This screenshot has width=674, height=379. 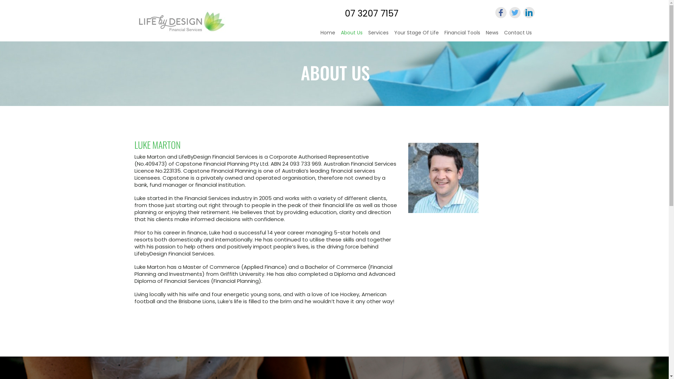 I want to click on 'Financial Tools', so click(x=441, y=31).